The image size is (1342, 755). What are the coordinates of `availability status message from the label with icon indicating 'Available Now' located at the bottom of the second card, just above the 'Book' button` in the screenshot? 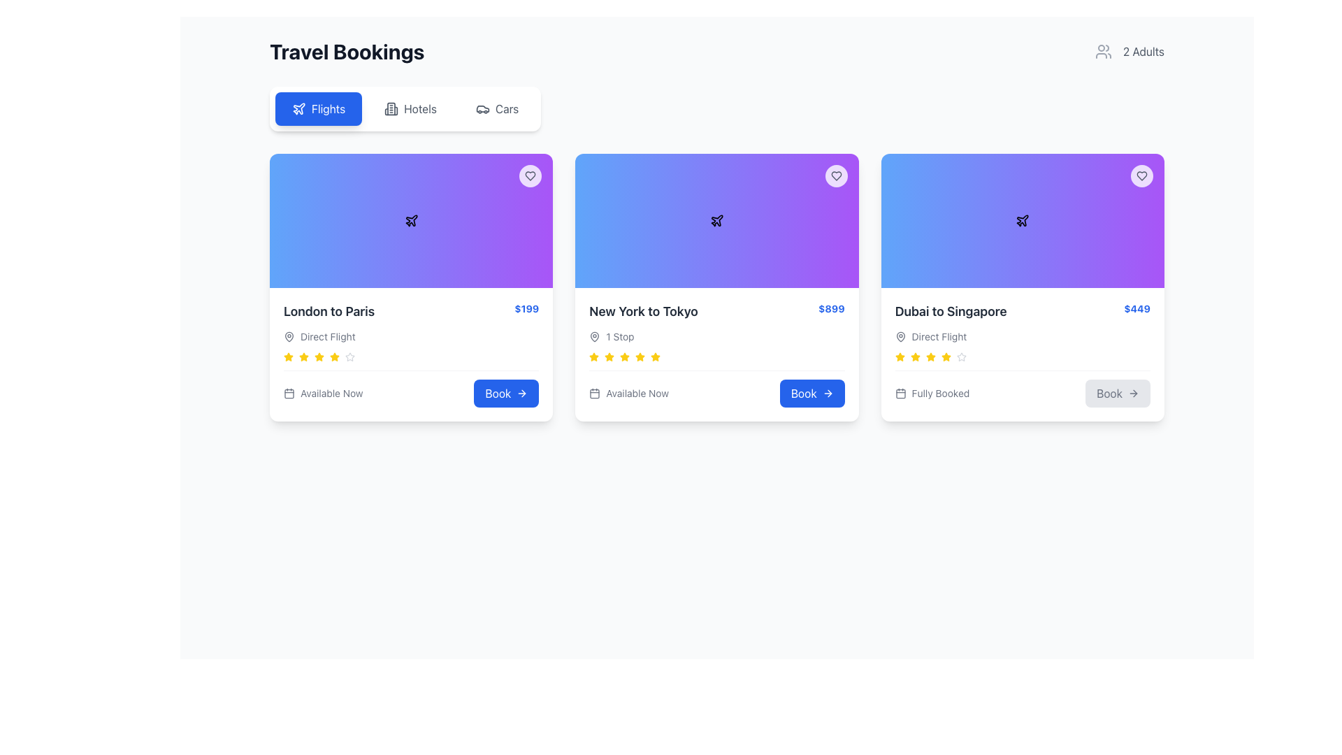 It's located at (628, 394).